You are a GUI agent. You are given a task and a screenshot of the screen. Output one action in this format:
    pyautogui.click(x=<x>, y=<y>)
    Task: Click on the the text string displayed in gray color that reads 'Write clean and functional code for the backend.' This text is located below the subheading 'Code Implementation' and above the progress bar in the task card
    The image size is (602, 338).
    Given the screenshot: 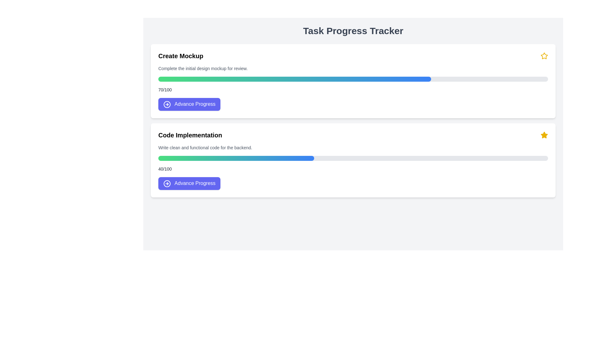 What is the action you would take?
    pyautogui.click(x=205, y=147)
    